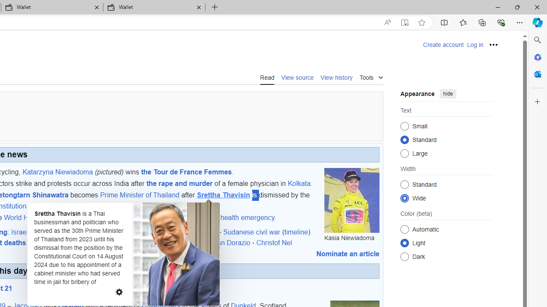  What do you see at coordinates (297, 77) in the screenshot?
I see `'View source'` at bounding box center [297, 77].